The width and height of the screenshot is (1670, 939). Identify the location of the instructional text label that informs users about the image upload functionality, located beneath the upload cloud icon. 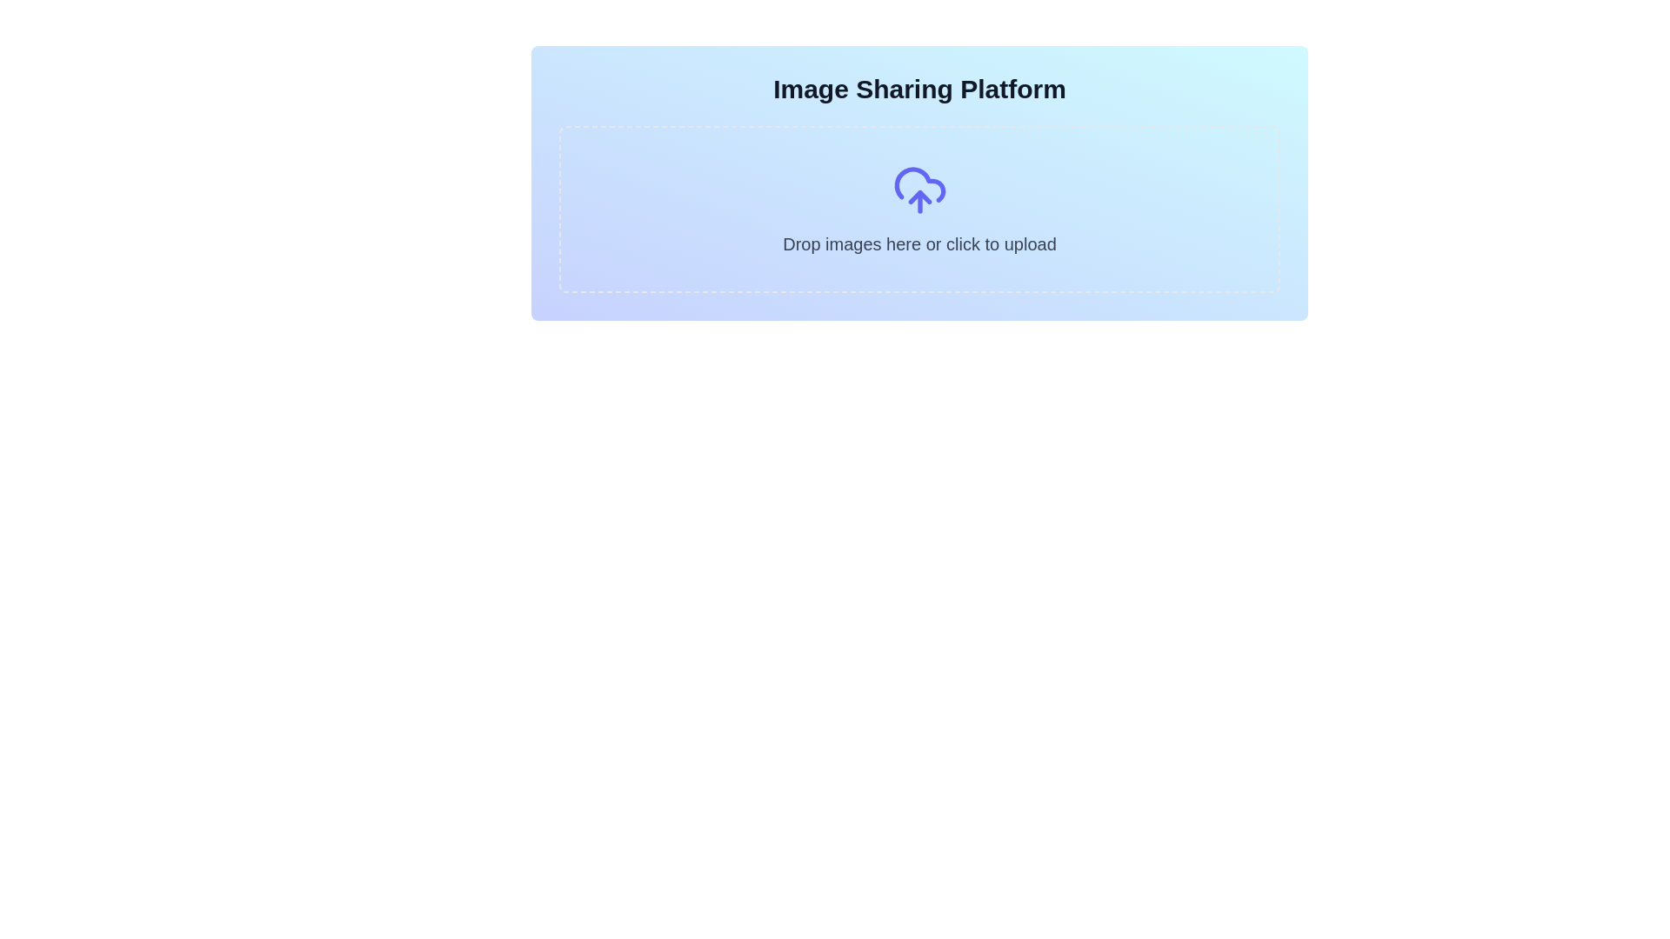
(918, 244).